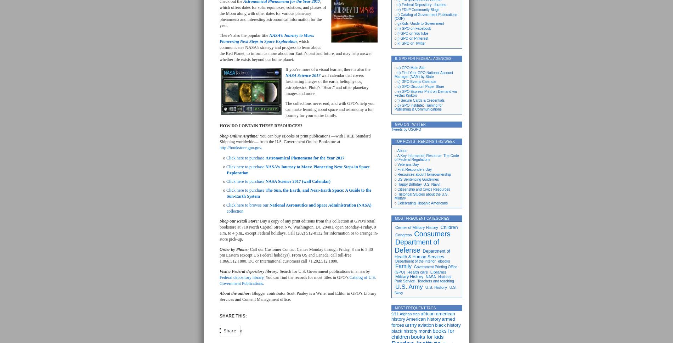  What do you see at coordinates (435, 281) in the screenshot?
I see `'Teachers and teaching'` at bounding box center [435, 281].